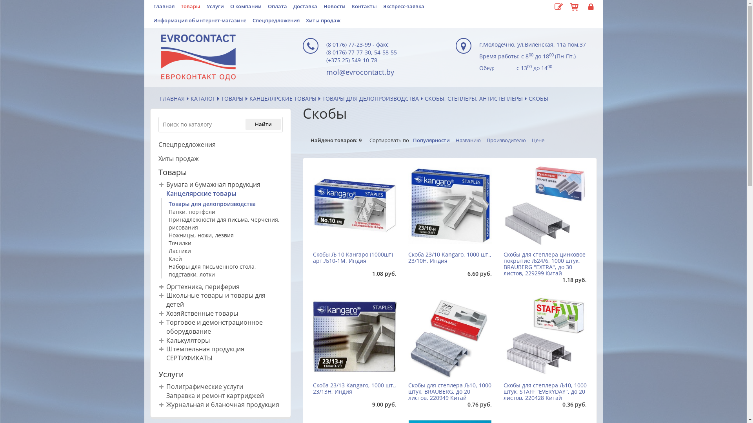 The height and width of the screenshot is (423, 753). What do you see at coordinates (360, 72) in the screenshot?
I see `'mol@evrocontact.by'` at bounding box center [360, 72].